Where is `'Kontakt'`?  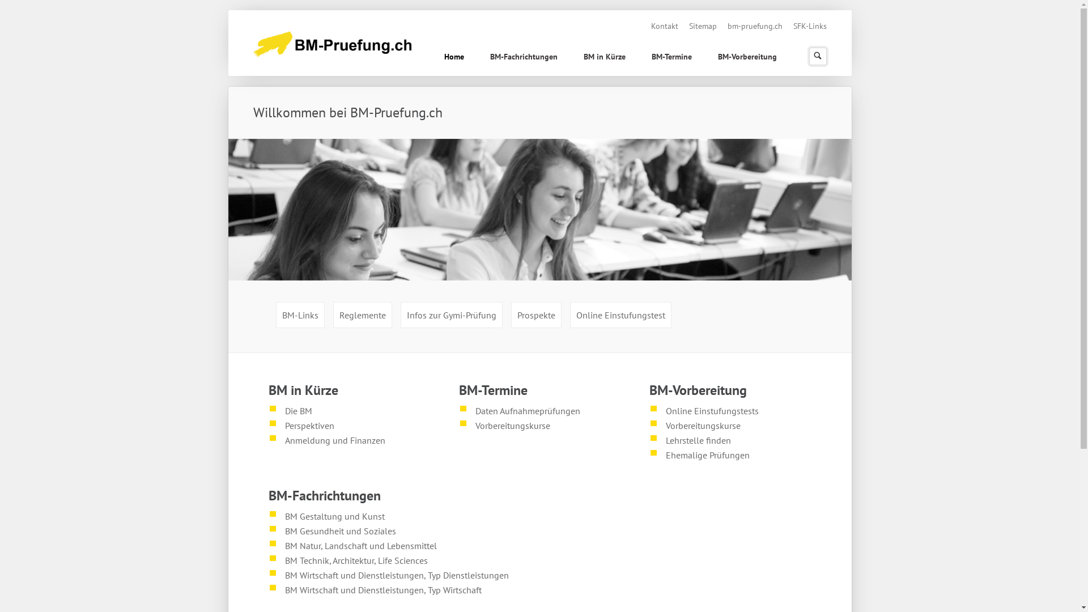 'Kontakt' is located at coordinates (664, 25).